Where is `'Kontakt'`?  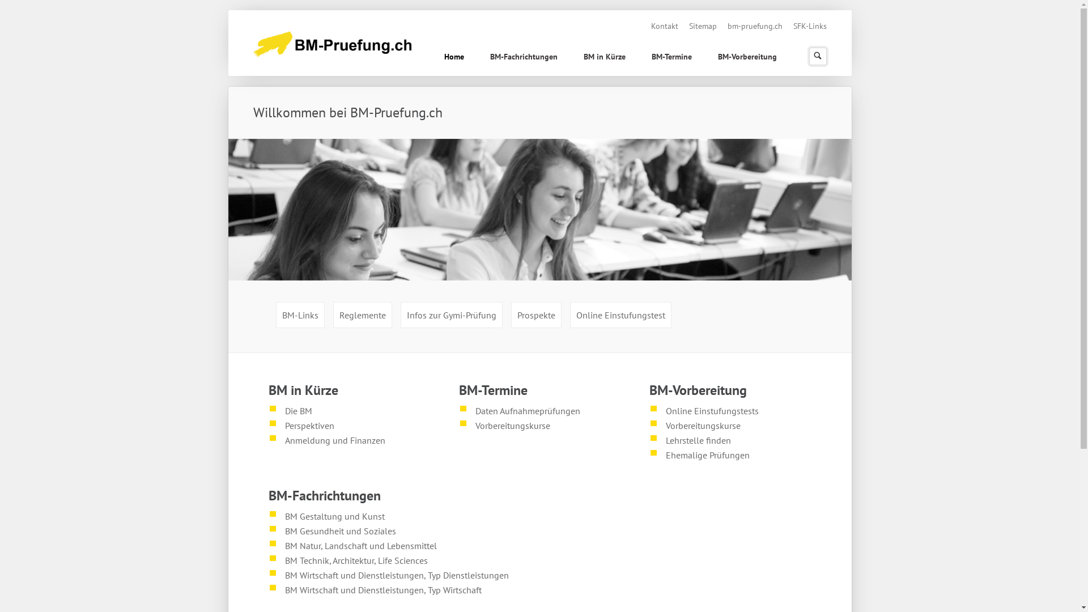 'Kontakt' is located at coordinates (664, 25).